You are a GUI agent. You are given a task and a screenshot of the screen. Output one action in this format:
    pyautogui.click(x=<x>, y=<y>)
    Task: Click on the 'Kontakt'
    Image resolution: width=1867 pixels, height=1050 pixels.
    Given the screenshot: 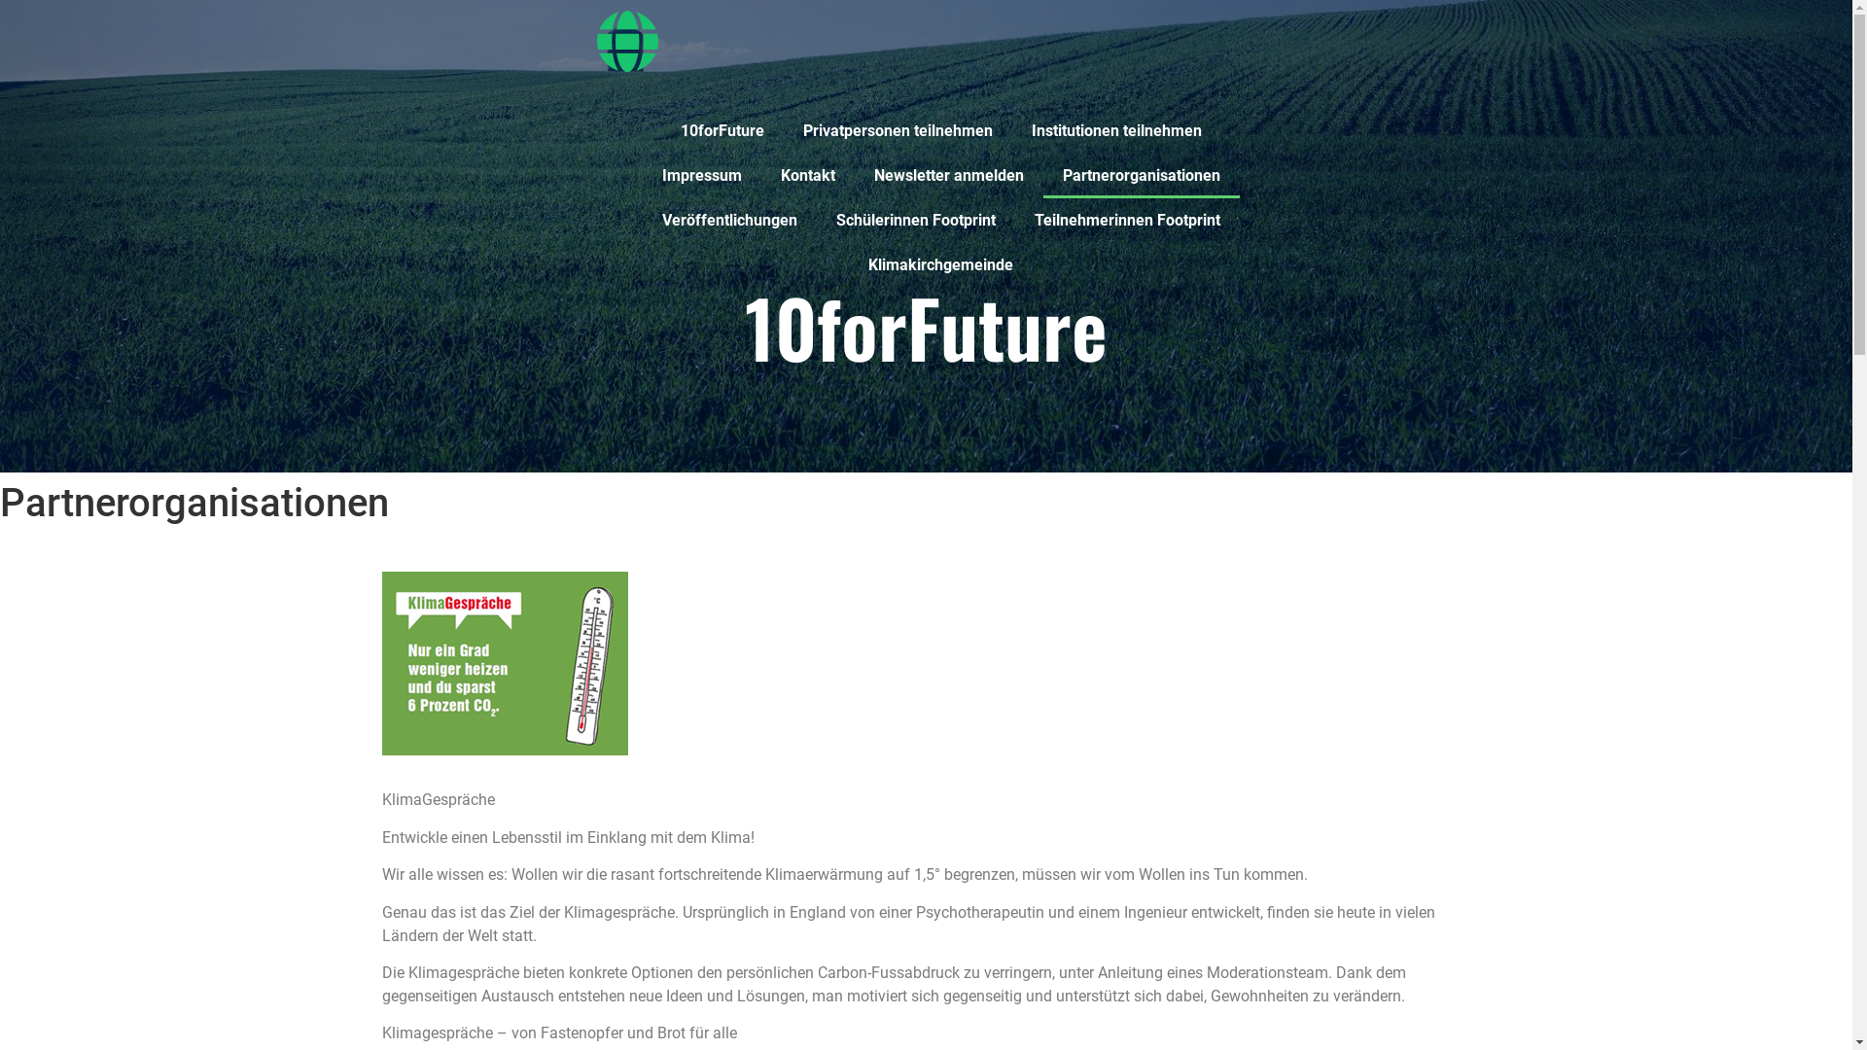 What is the action you would take?
    pyautogui.click(x=807, y=176)
    